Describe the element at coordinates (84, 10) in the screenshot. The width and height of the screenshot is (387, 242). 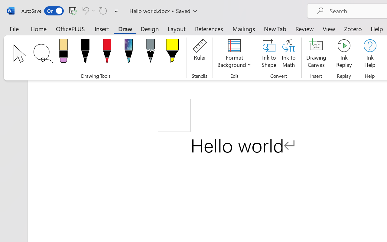
I see `'Can'` at that location.